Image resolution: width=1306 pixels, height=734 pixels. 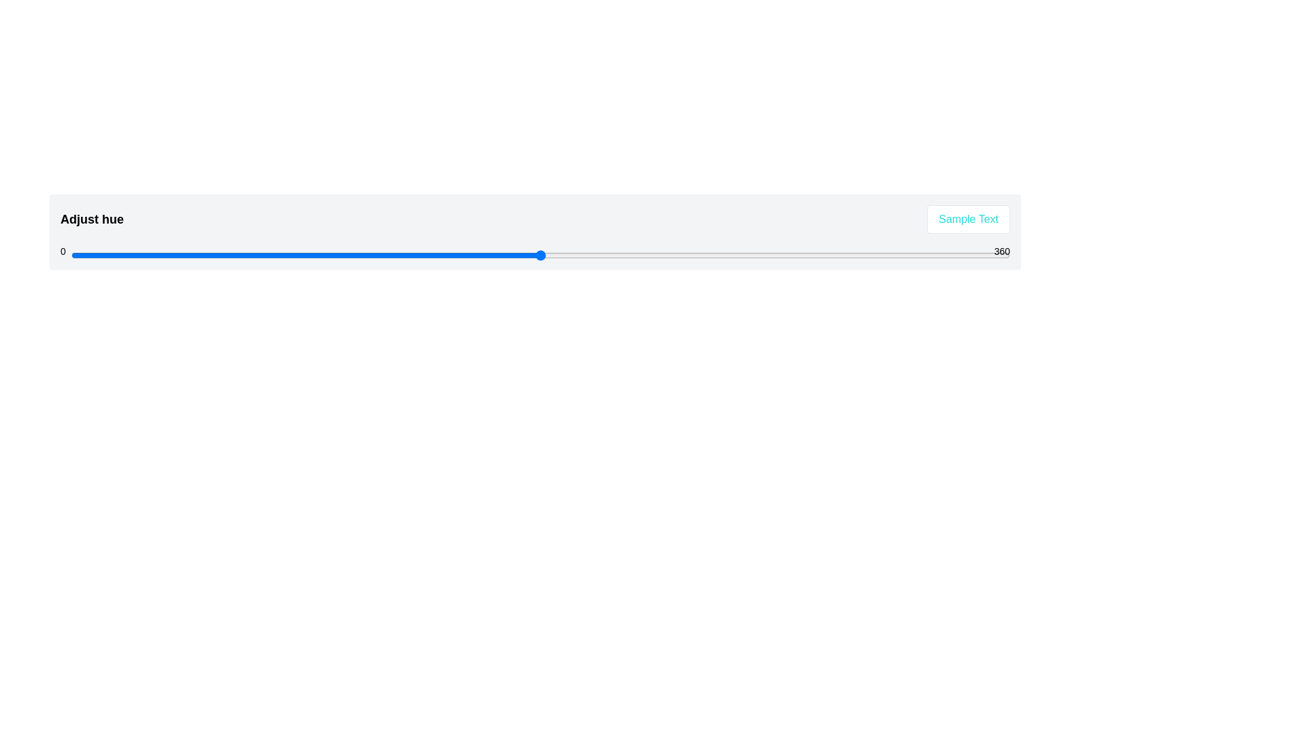 I want to click on the hue slider to set the hue value to 276, so click(x=790, y=255).